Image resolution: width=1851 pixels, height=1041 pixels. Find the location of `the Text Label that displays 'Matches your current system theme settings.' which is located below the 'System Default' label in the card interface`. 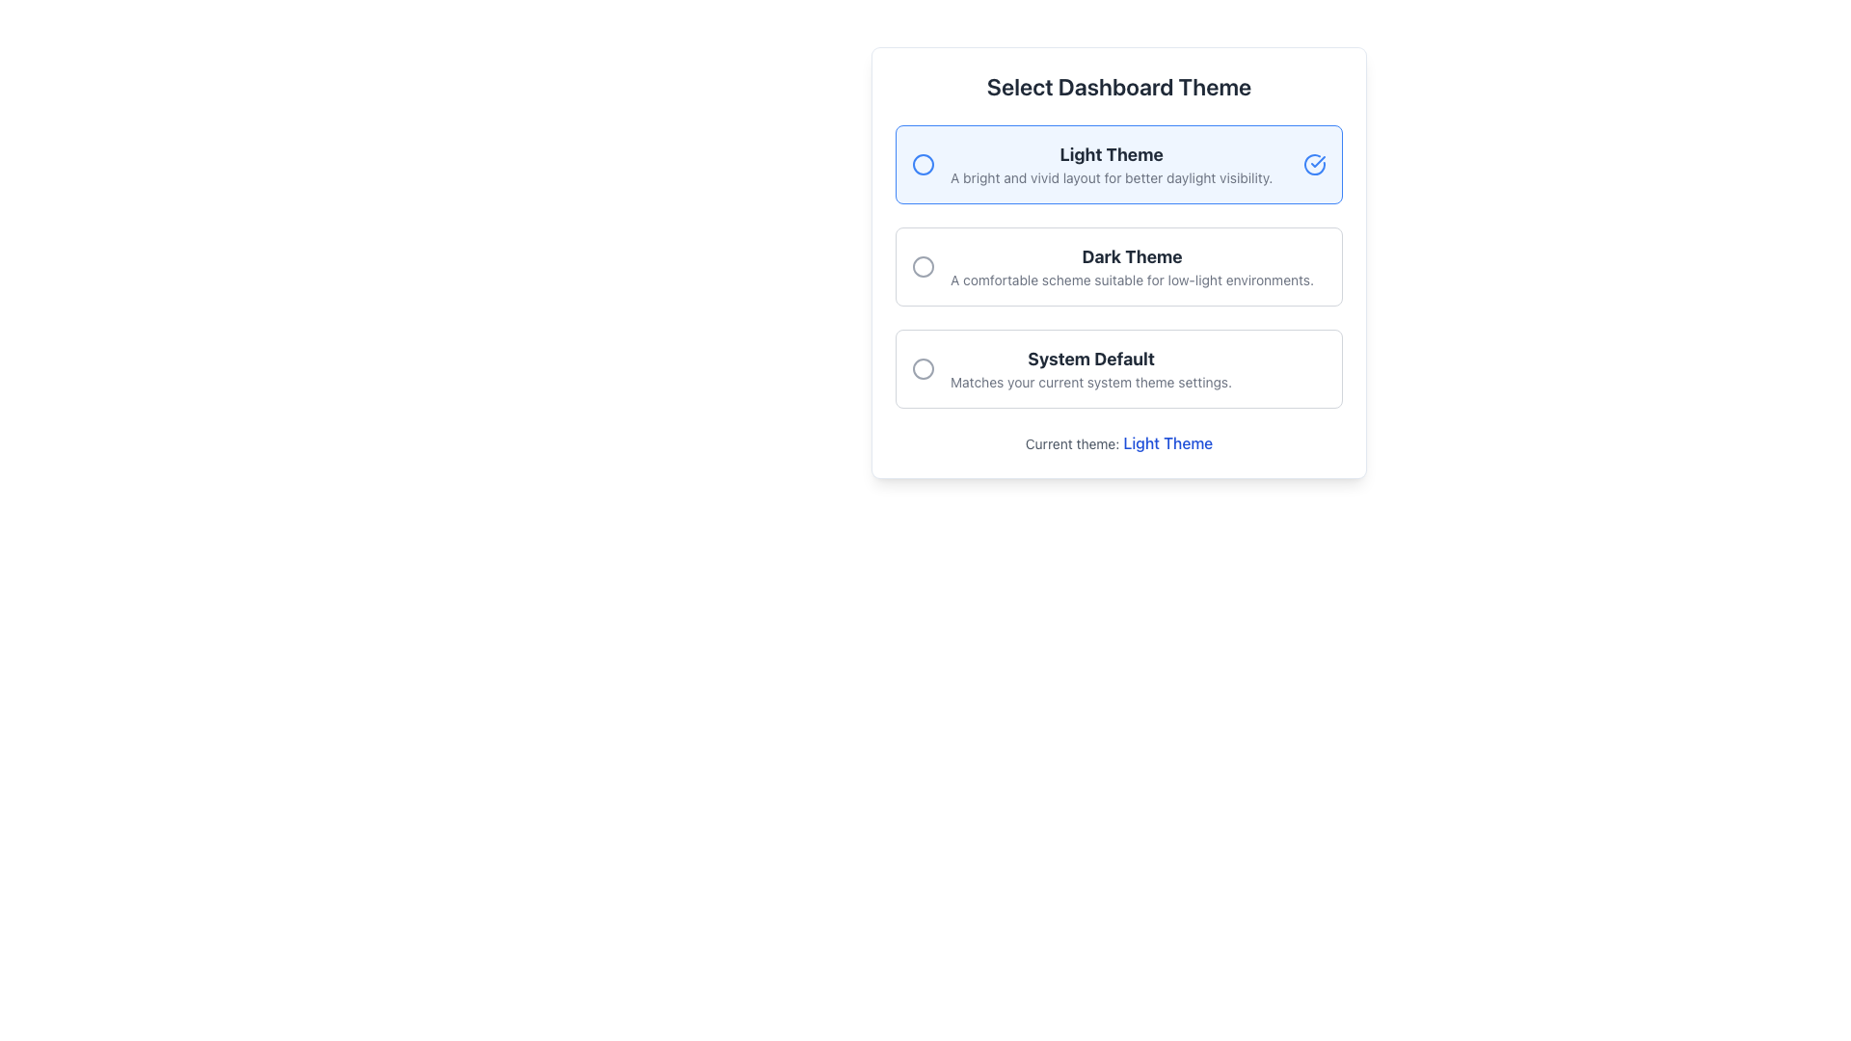

the Text Label that displays 'Matches your current system theme settings.' which is located below the 'System Default' label in the card interface is located at coordinates (1091, 383).